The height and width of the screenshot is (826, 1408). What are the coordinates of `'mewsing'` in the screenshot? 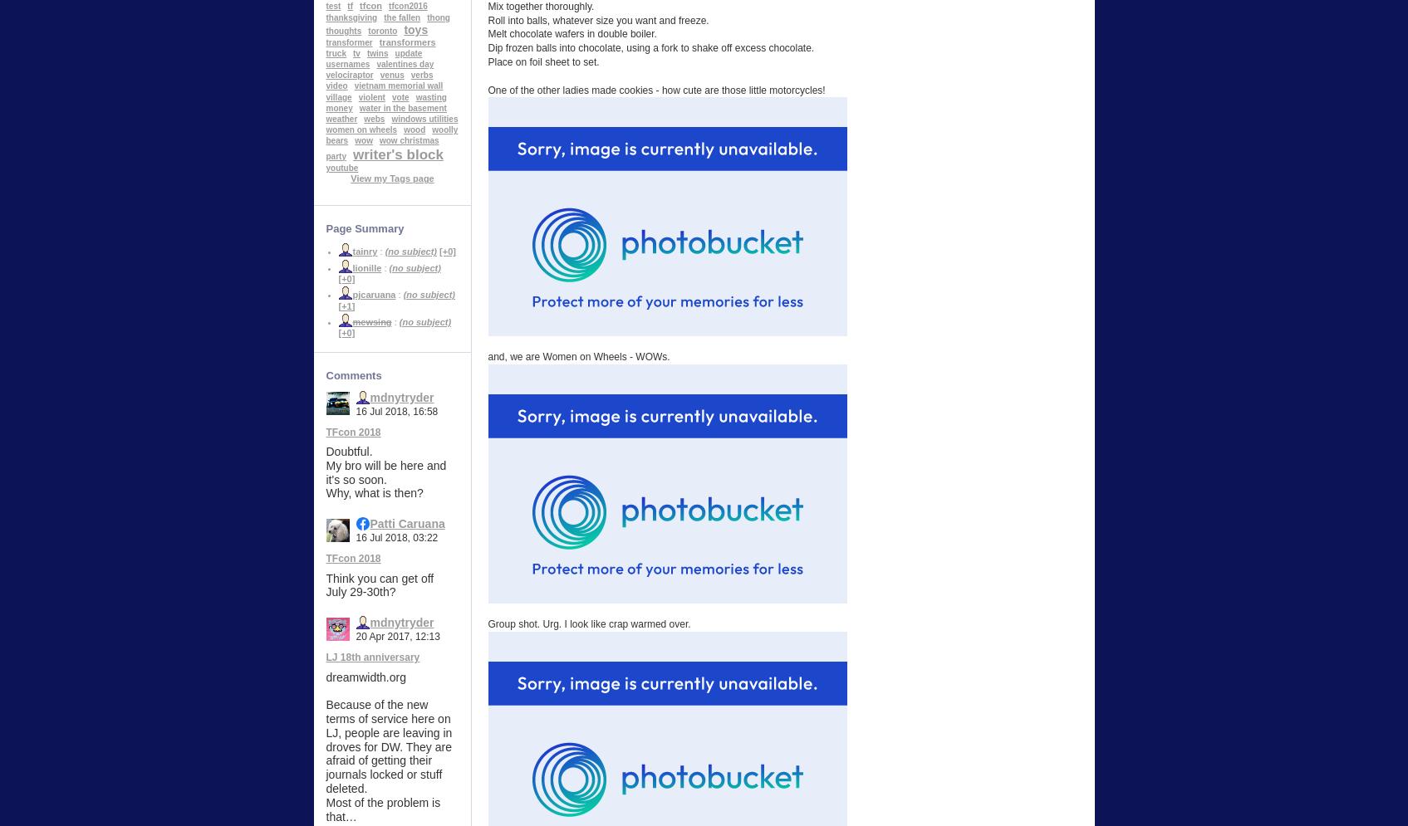 It's located at (371, 320).